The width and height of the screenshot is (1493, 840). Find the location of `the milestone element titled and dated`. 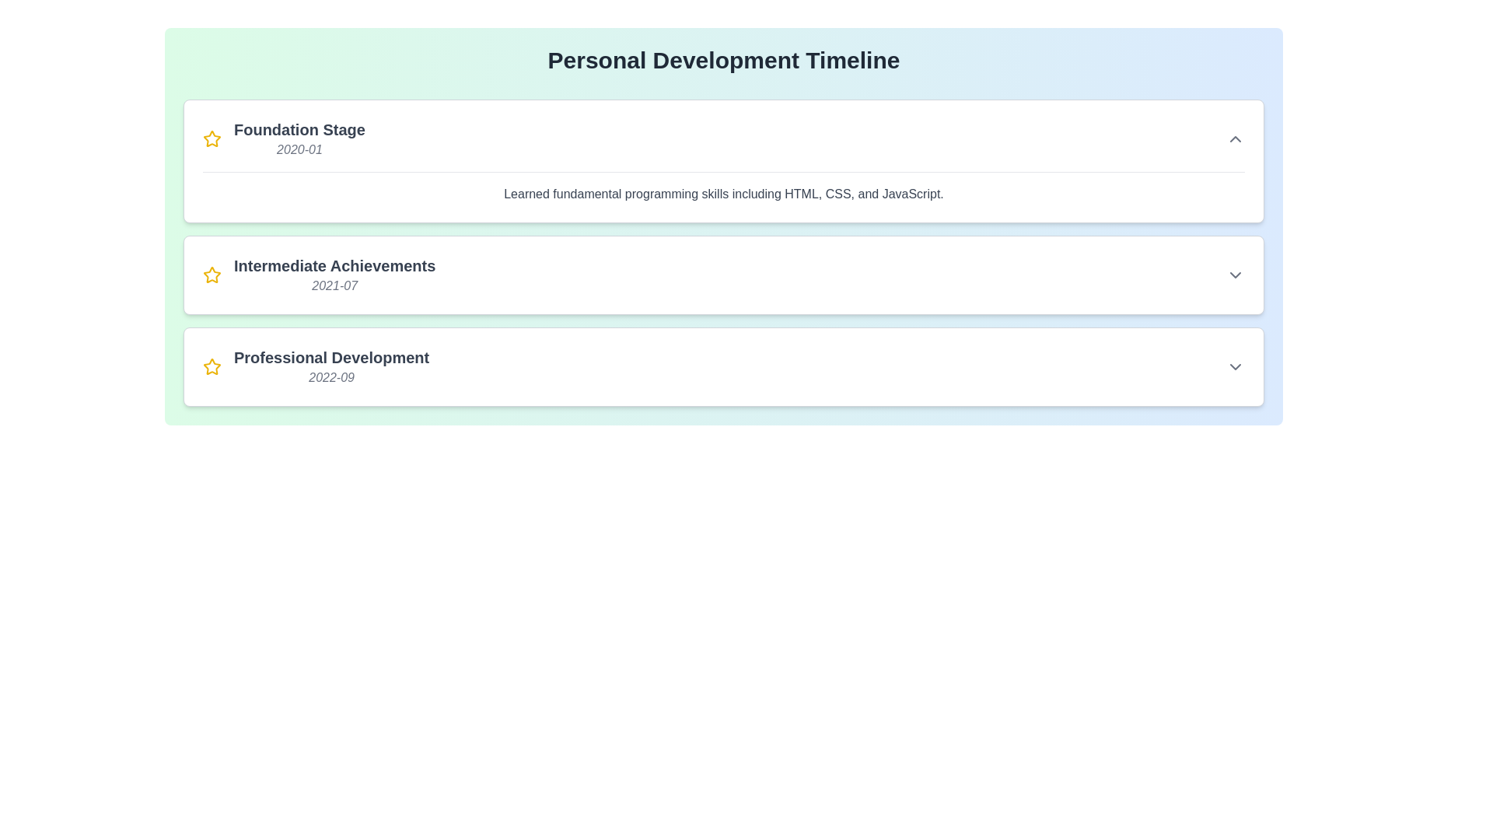

the milestone element titled and dated is located at coordinates (315, 366).